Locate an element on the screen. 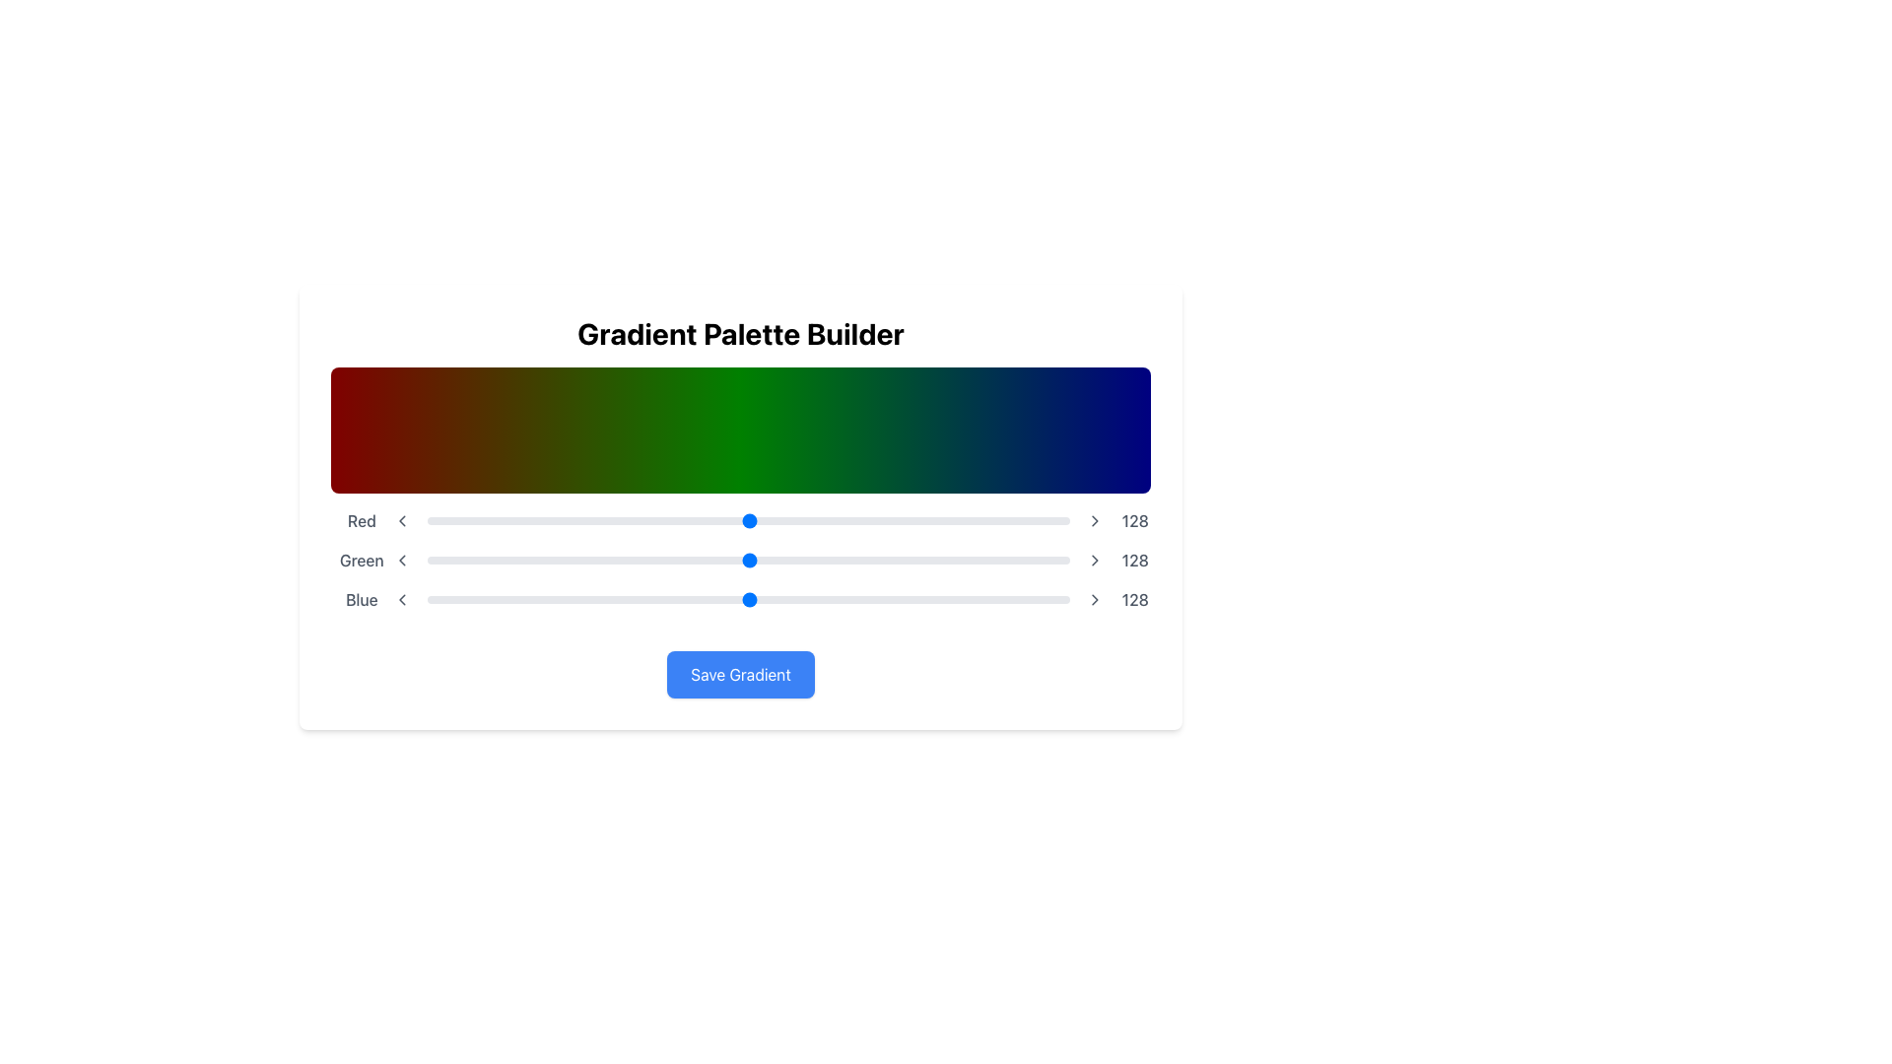  the Left Arrow Control Button, which is a small left-pointing chevron arrow located to the left of the horizontal slider labeled 'Red' is located at coordinates (401, 519).